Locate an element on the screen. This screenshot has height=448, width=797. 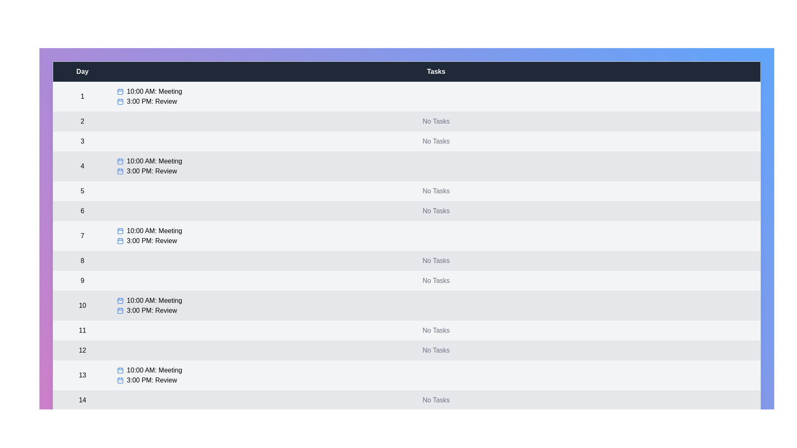
the calendar icon next to the task for day 7 is located at coordinates (119, 231).